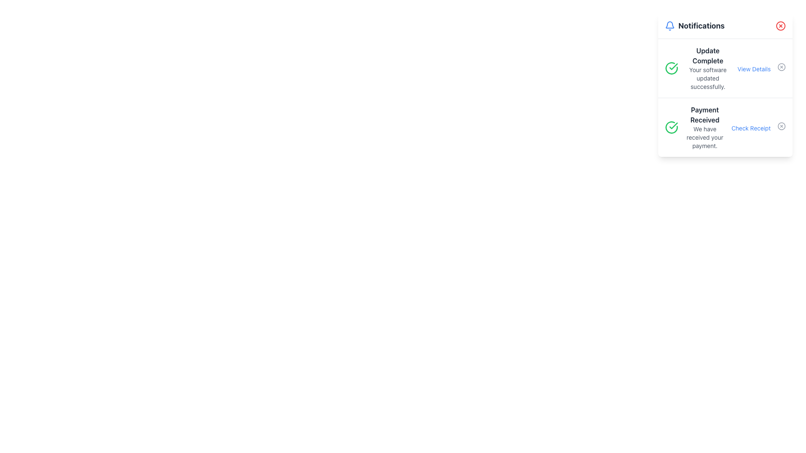 The image size is (806, 453). Describe the element at coordinates (781, 126) in the screenshot. I see `the close icon button located to the right of the 'Check Receipt' text in the 'Payment Received' notification` at that location.